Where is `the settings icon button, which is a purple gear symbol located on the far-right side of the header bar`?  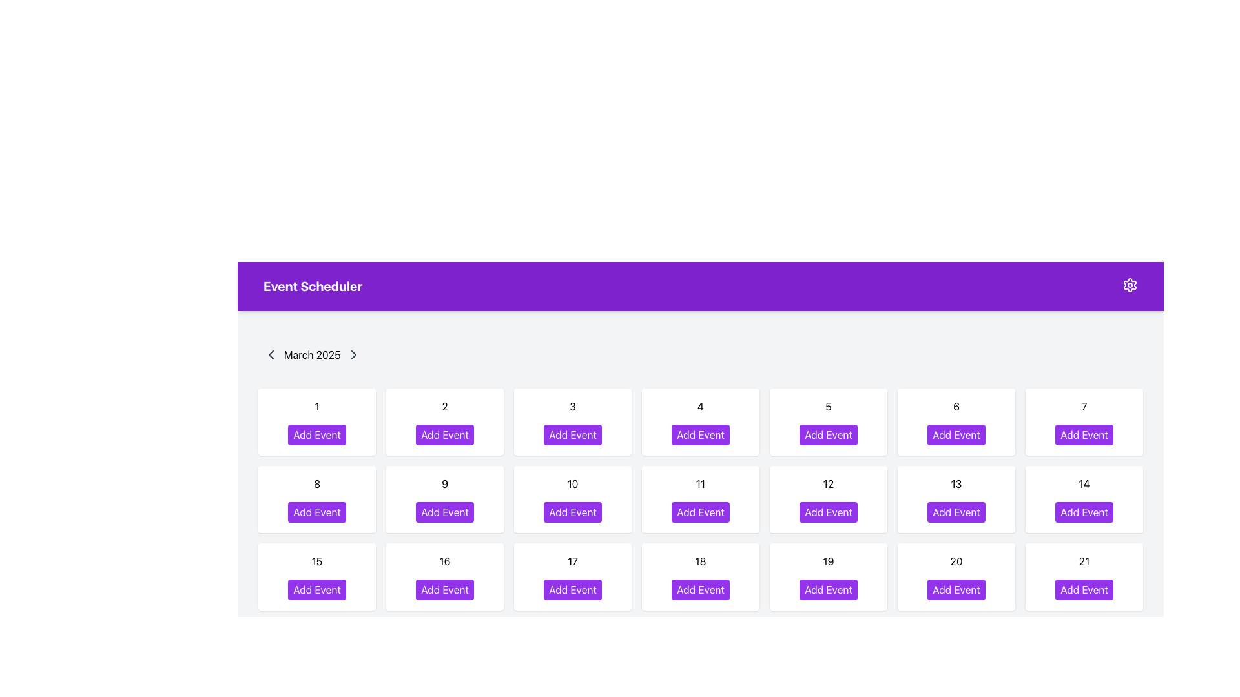
the settings icon button, which is a purple gear symbol located on the far-right side of the header bar is located at coordinates (1130, 285).